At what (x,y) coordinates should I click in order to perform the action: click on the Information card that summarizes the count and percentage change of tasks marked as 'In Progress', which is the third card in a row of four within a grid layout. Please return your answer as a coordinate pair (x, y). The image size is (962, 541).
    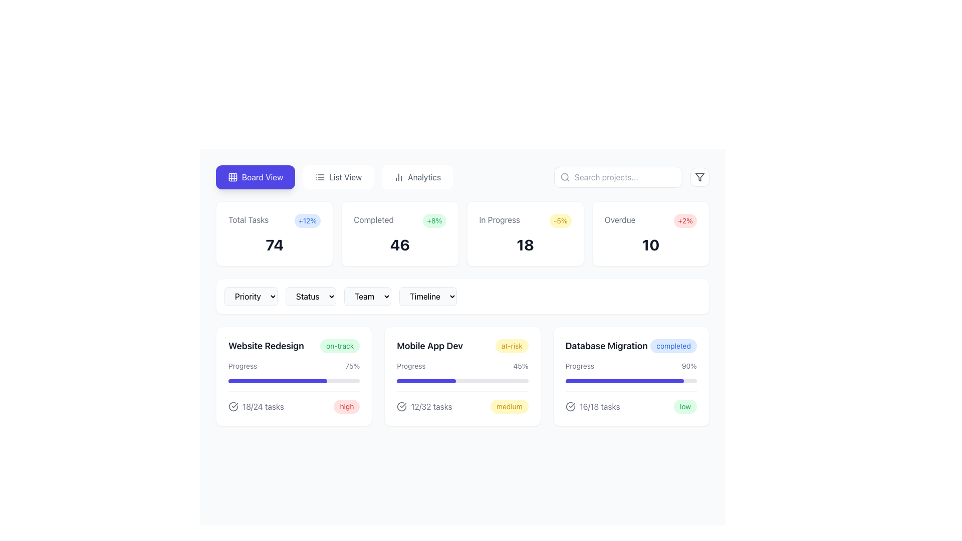
    Looking at the image, I should click on (525, 233).